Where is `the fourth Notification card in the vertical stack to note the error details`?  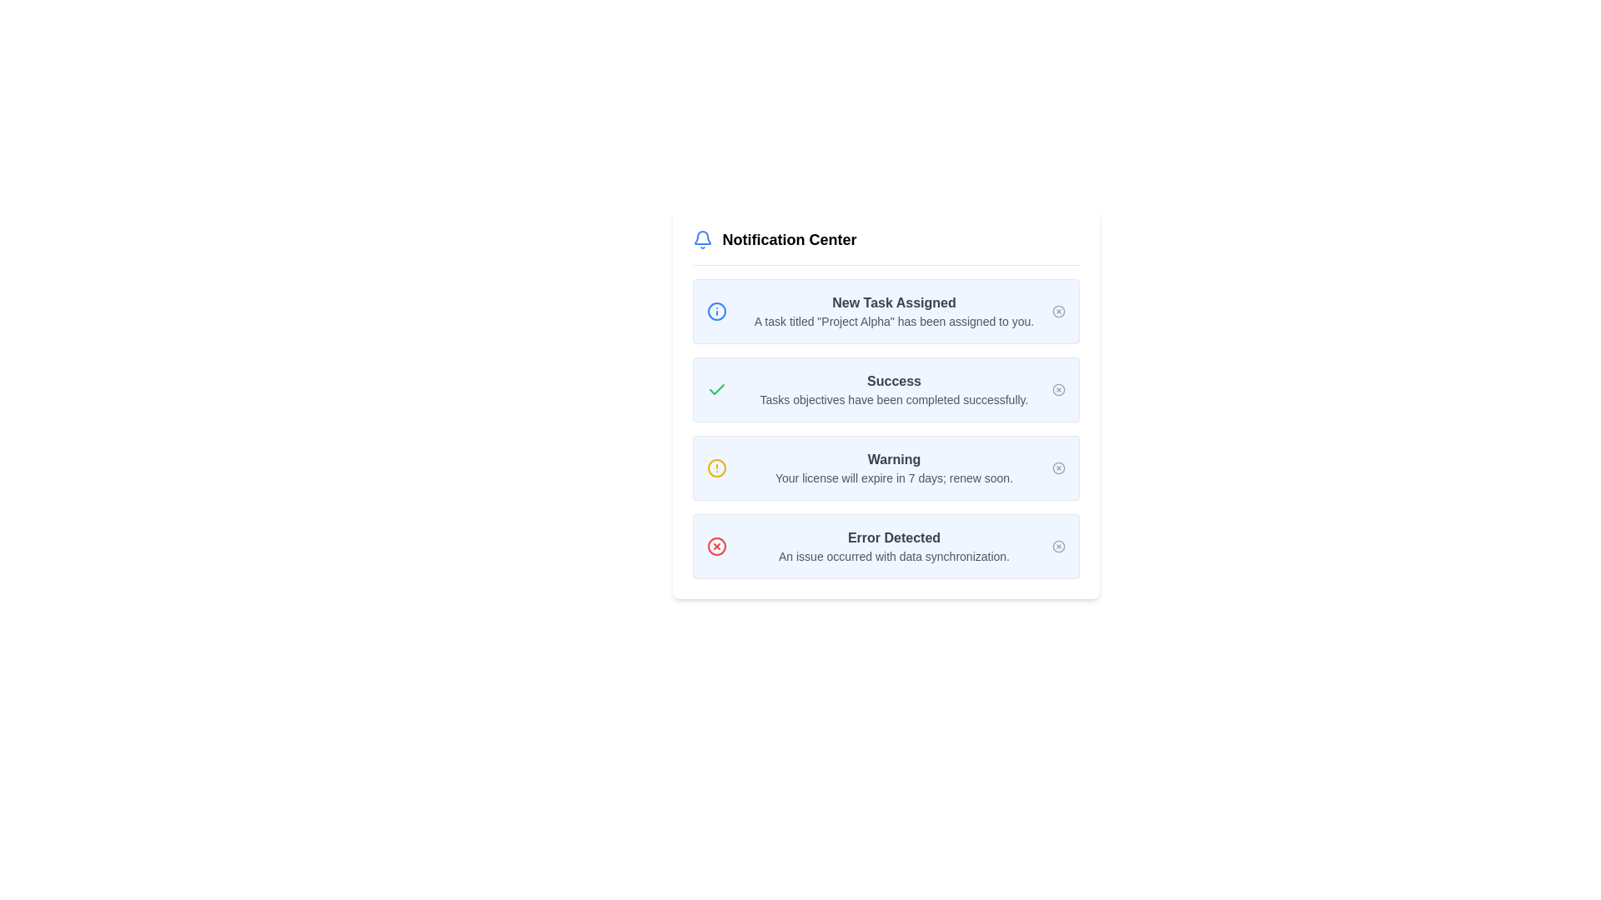 the fourth Notification card in the vertical stack to note the error details is located at coordinates (885, 546).